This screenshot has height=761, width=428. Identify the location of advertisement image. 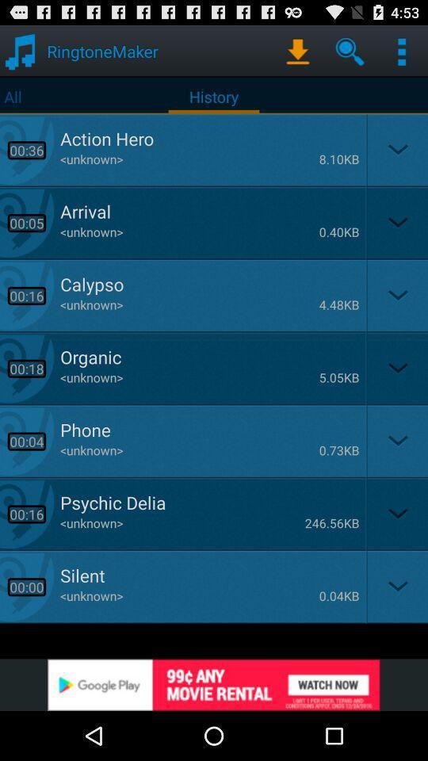
(214, 684).